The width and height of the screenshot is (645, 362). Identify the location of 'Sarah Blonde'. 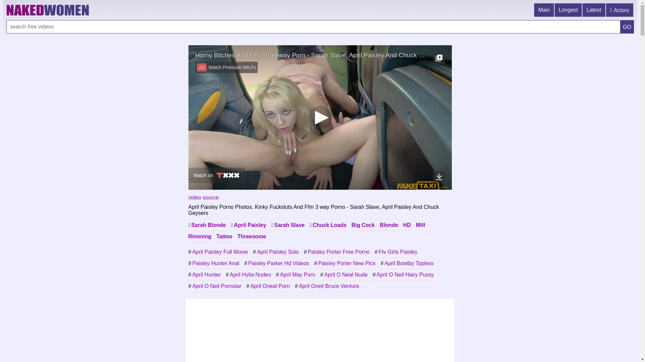
(206, 225).